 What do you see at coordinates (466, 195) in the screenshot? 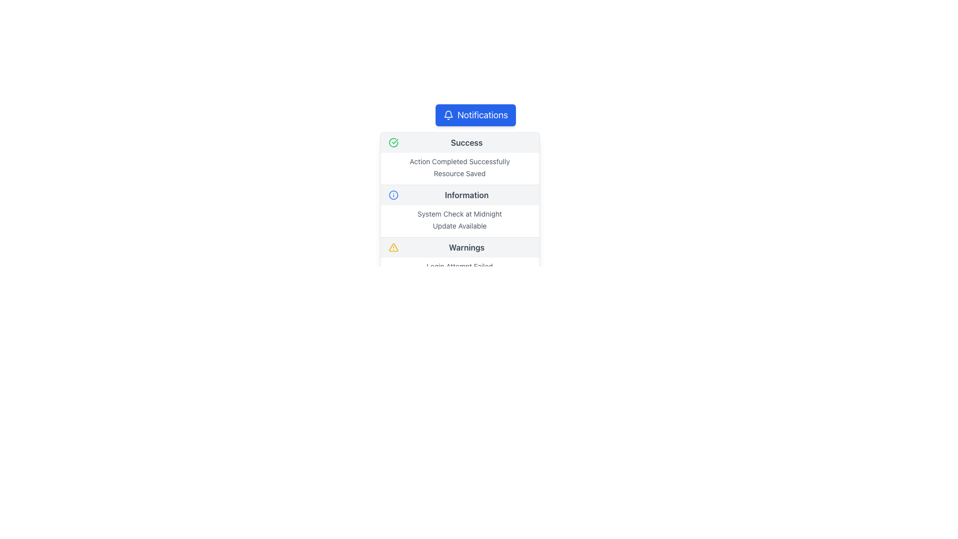
I see `the text label reading 'Information' styled in gray with a bold font, located in the middle section of the notifications list under the subsection titled 'Information'` at bounding box center [466, 195].